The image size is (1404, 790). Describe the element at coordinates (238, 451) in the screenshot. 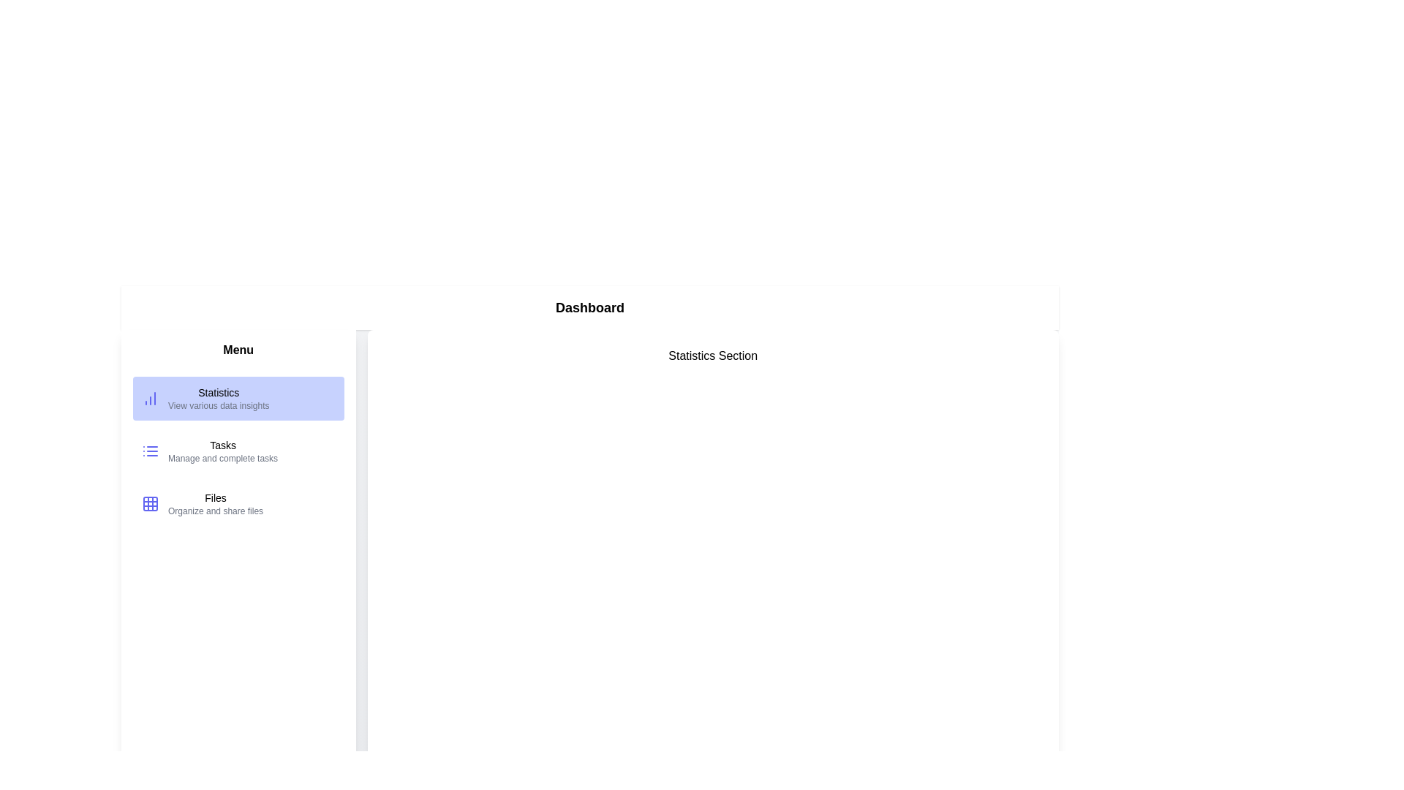

I see `the menu tab labeled Tasks to view its details` at that location.